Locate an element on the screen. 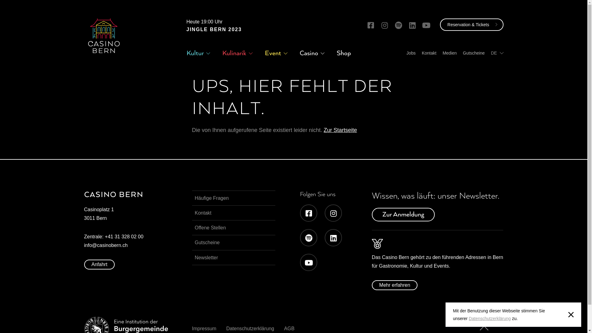 The width and height of the screenshot is (592, 333). '+41 31 328 02 00' is located at coordinates (124, 236).